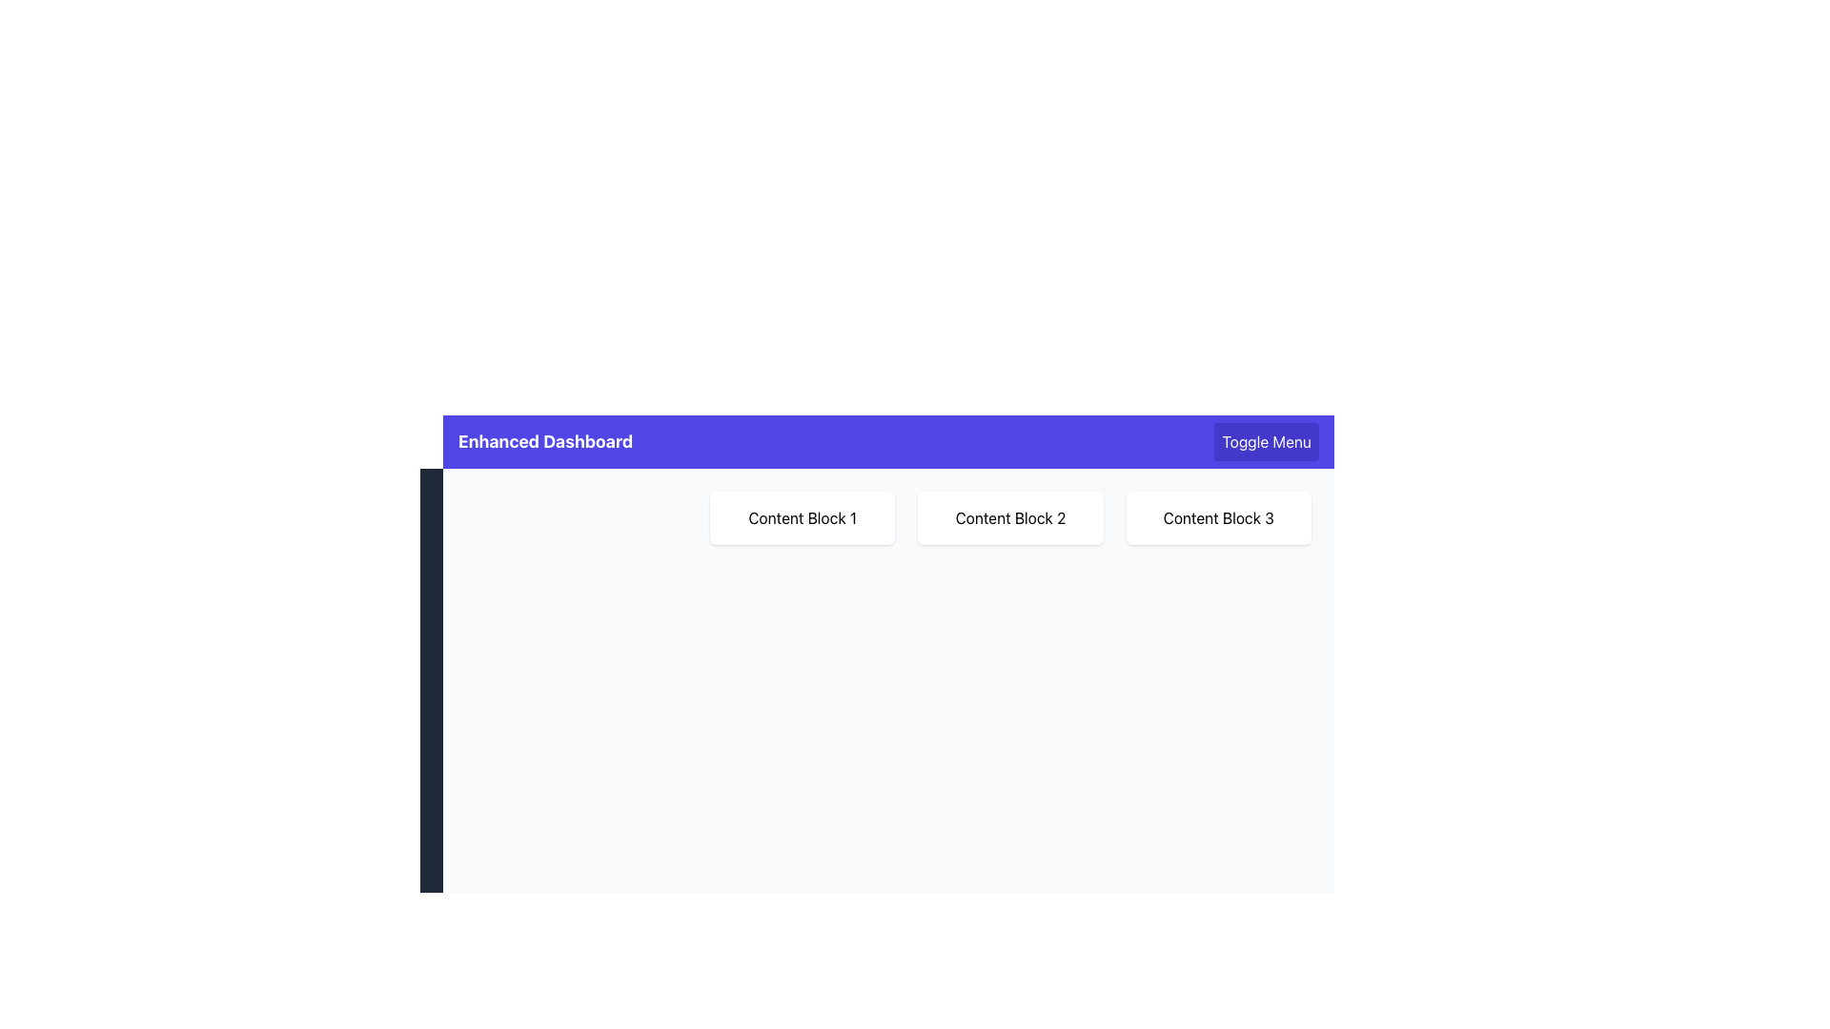 Image resolution: width=1830 pixels, height=1029 pixels. I want to click on the static text label 'Enhanced Dashboard' which is displayed in a bold, large font with white color on a purple background, located in the top left section of the navigation bar, so click(544, 441).